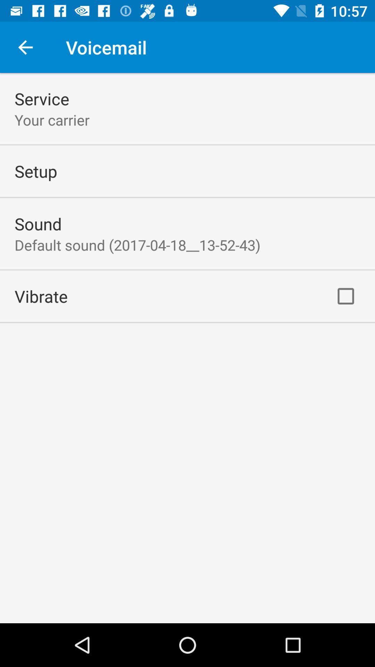 Image resolution: width=375 pixels, height=667 pixels. Describe the element at coordinates (36, 171) in the screenshot. I see `setup icon` at that location.